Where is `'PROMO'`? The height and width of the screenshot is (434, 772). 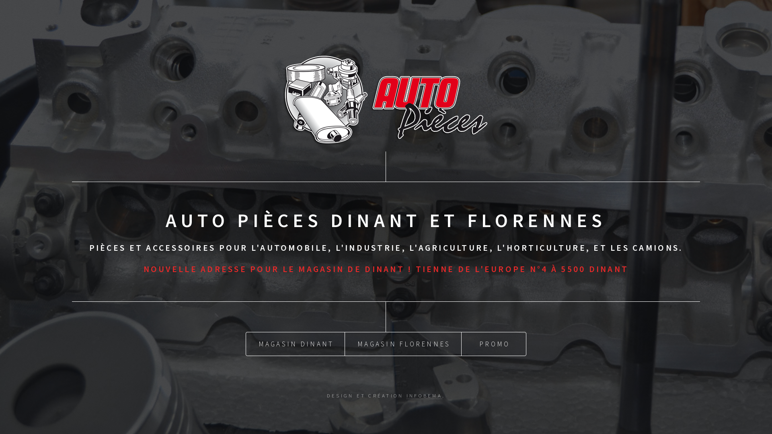 'PROMO' is located at coordinates (493, 344).